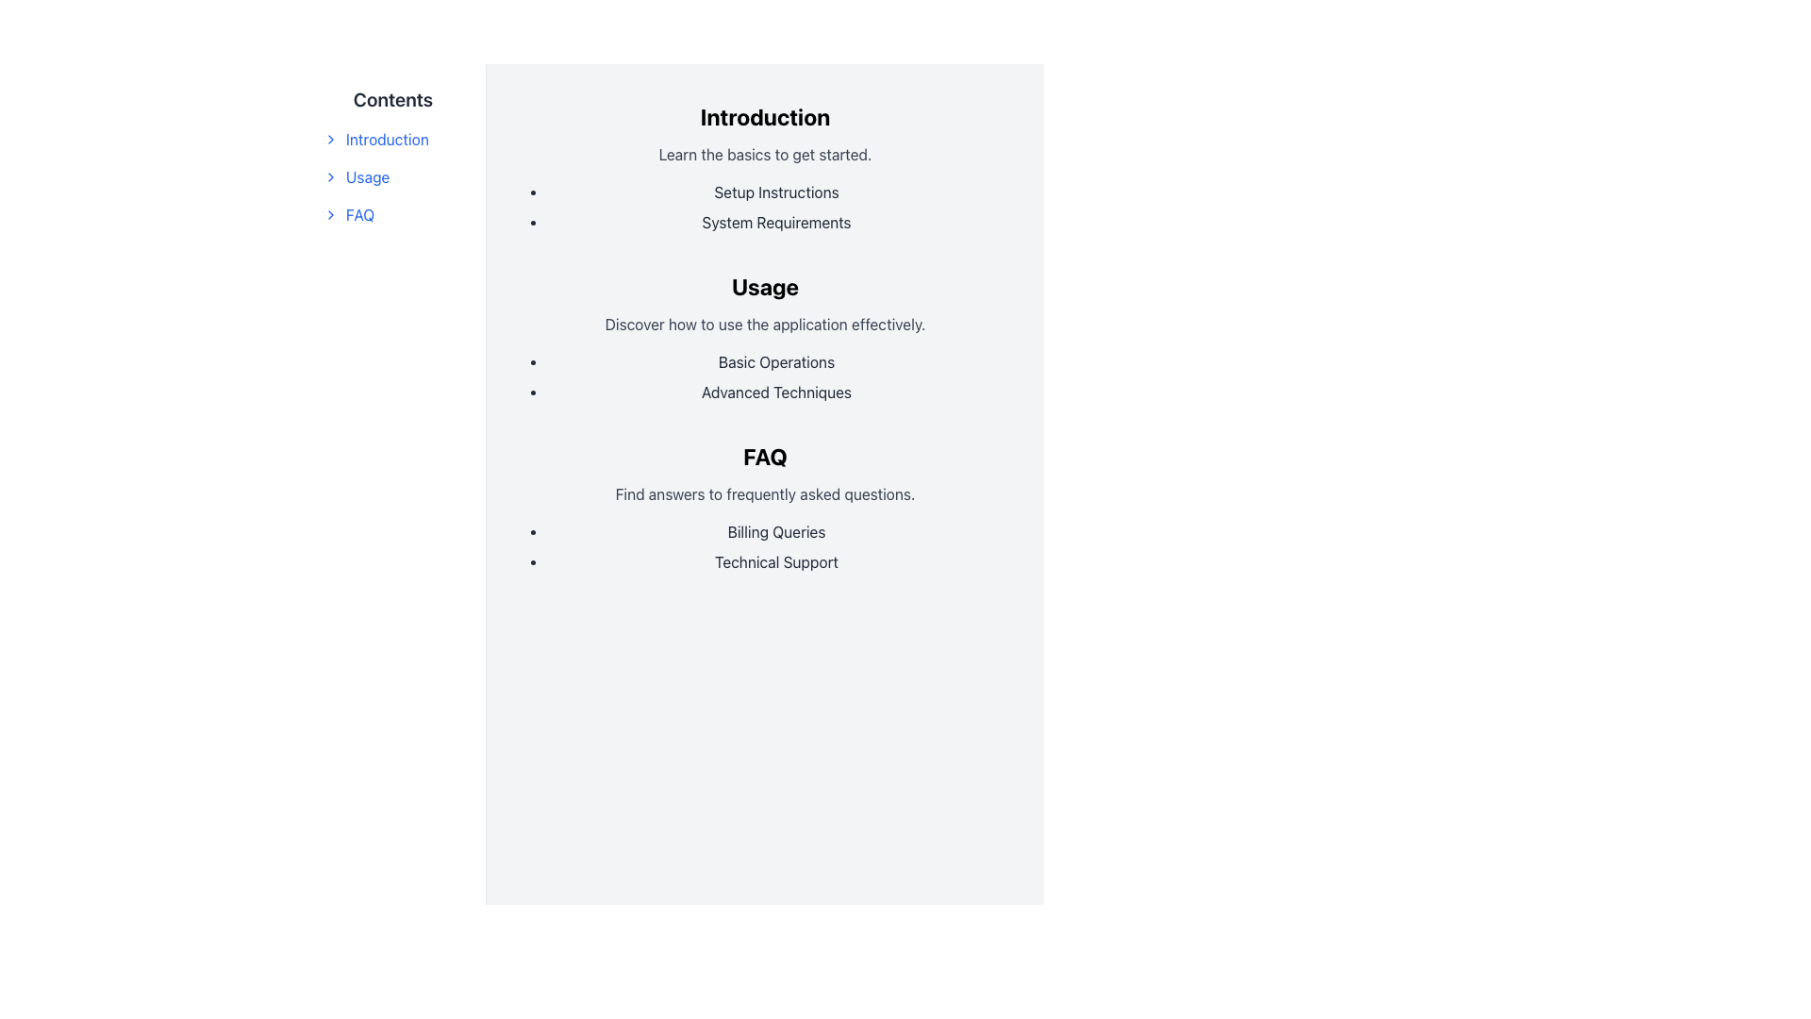 Image resolution: width=1811 pixels, height=1019 pixels. Describe the element at coordinates (330, 177) in the screenshot. I see `the chevron icon located to the immediate left of the 'Usage' text link in the navigation sidebar` at that location.